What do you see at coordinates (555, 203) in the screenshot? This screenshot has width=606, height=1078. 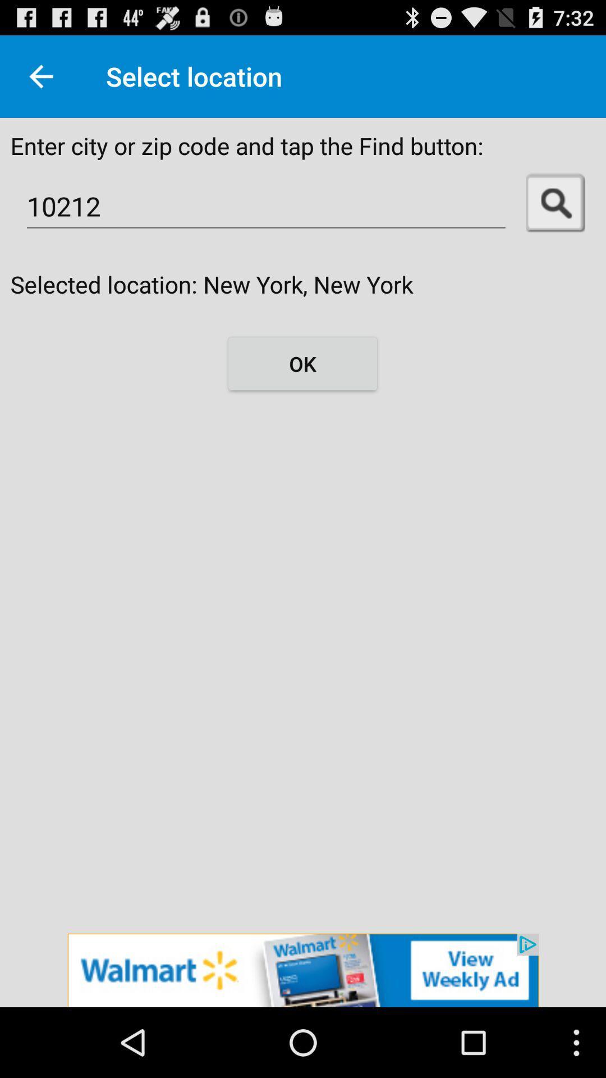 I see `search button` at bounding box center [555, 203].